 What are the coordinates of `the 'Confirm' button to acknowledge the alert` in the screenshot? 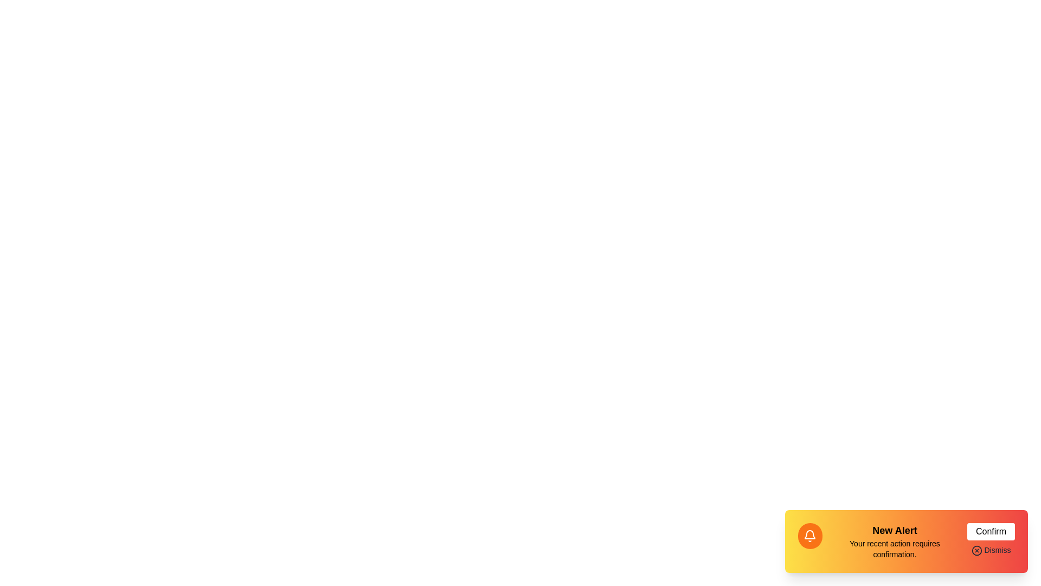 It's located at (991, 531).